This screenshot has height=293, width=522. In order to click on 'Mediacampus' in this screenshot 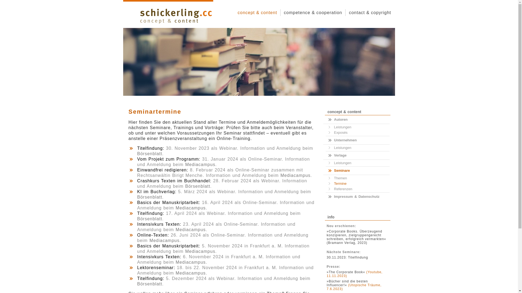, I will do `click(191, 273)`.